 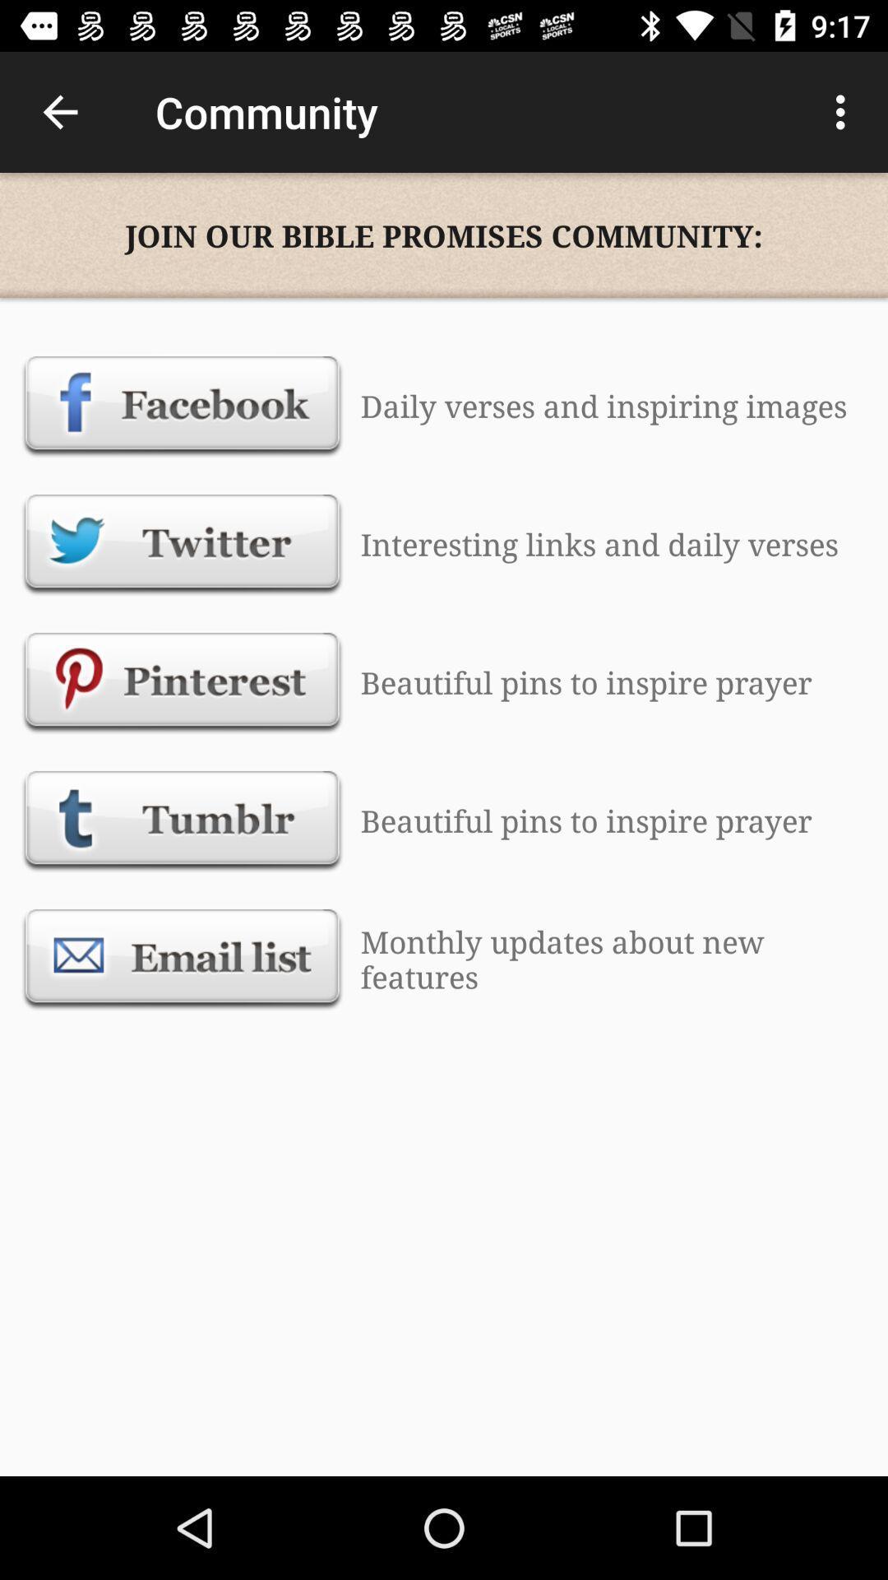 I want to click on email list, so click(x=183, y=960).